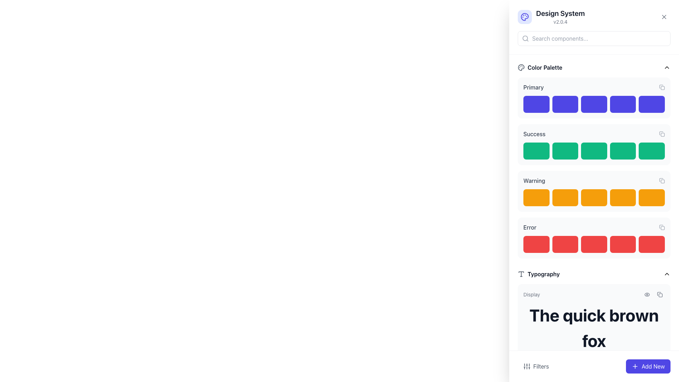  Describe the element at coordinates (594, 322) in the screenshot. I see `the first Text Display Card in the Typography section, which has a light gray background and contains the text 'The quick brown fox'` at that location.